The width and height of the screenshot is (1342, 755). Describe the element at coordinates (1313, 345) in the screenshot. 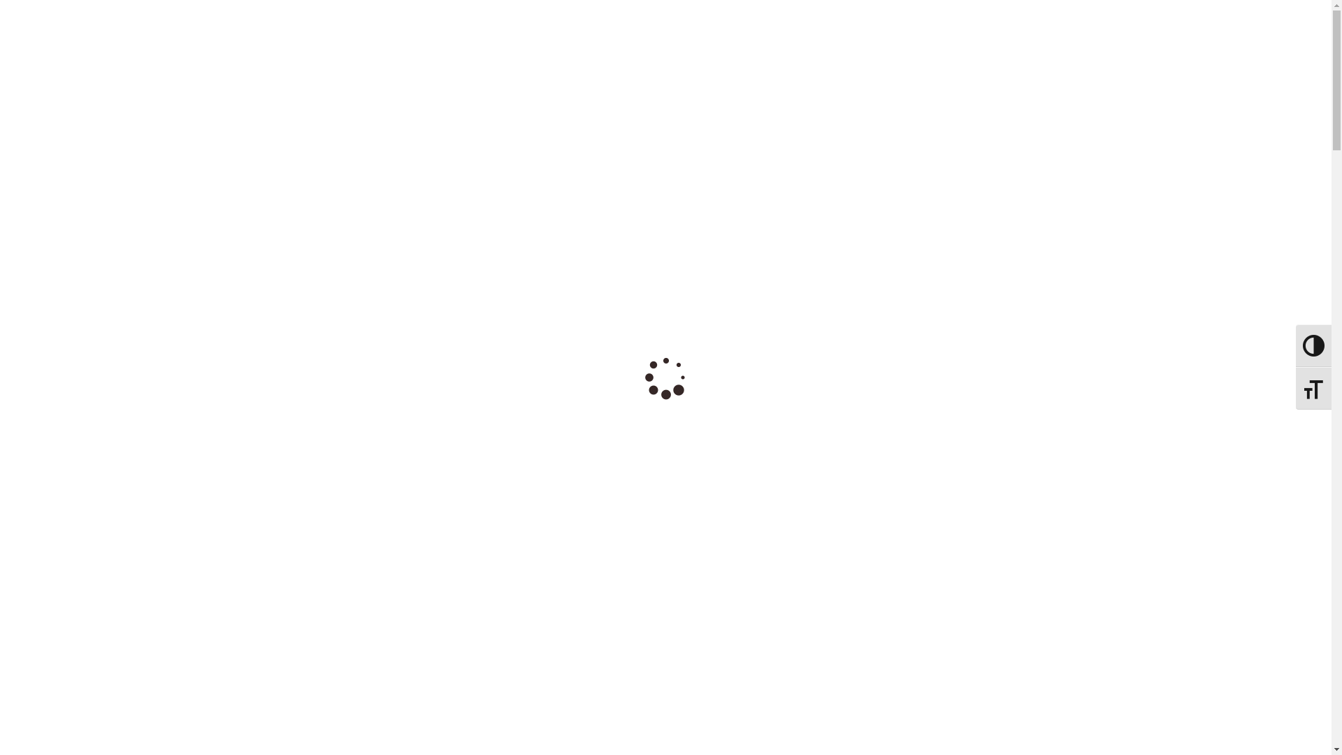

I see `'Toggle High Contrast'` at that location.